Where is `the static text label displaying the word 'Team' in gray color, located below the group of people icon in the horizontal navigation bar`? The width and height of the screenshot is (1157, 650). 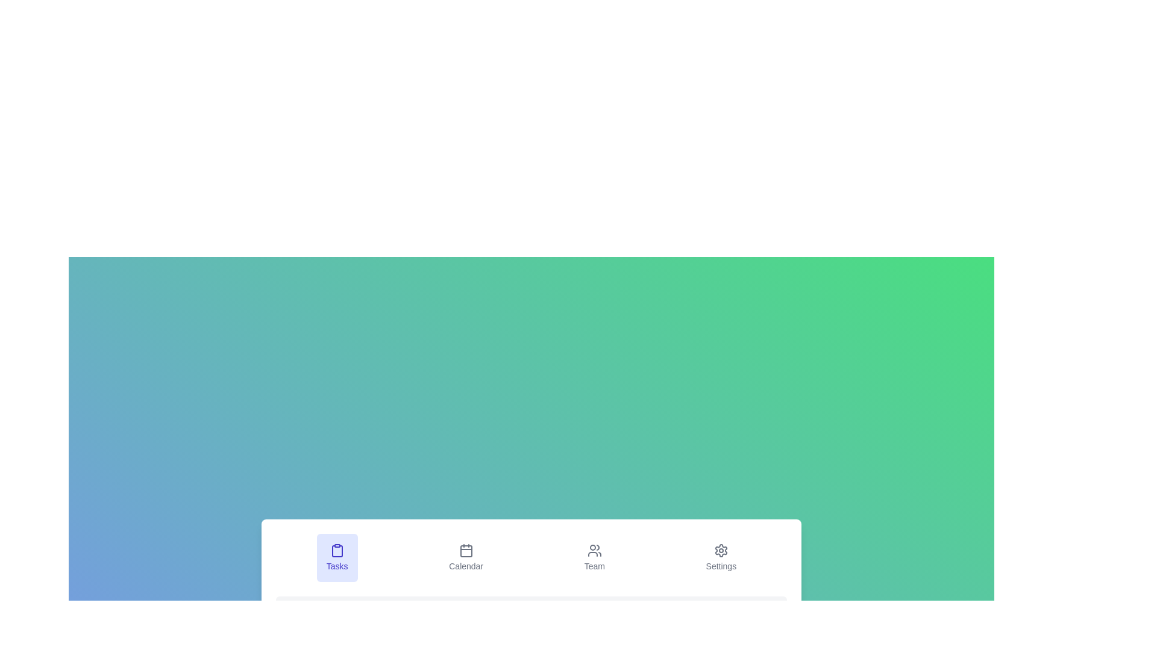 the static text label displaying the word 'Team' in gray color, located below the group of people icon in the horizontal navigation bar is located at coordinates (594, 566).